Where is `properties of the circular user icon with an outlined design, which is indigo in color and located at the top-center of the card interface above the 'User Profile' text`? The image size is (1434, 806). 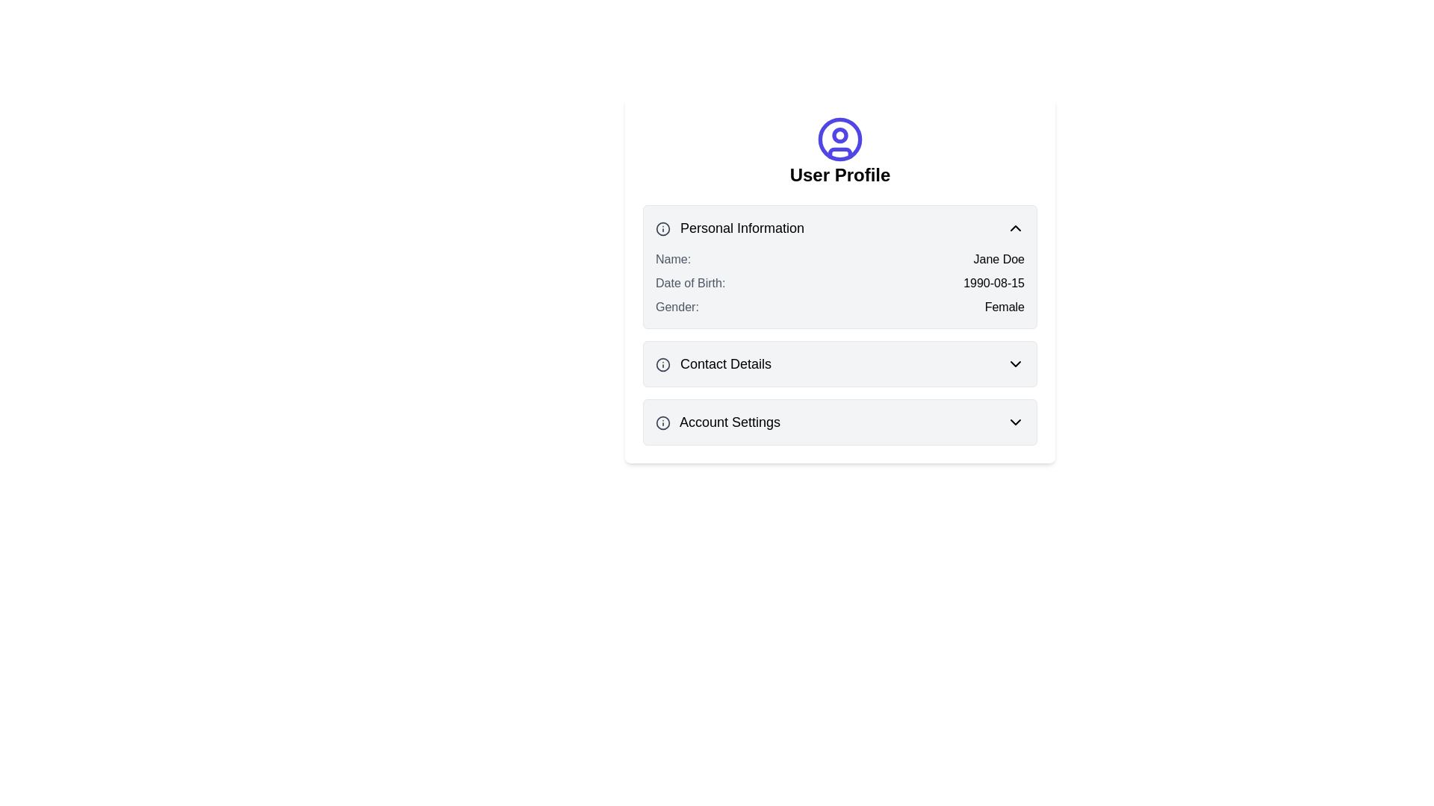 properties of the circular user icon with an outlined design, which is indigo in color and located at the top-center of the card interface above the 'User Profile' text is located at coordinates (839, 139).